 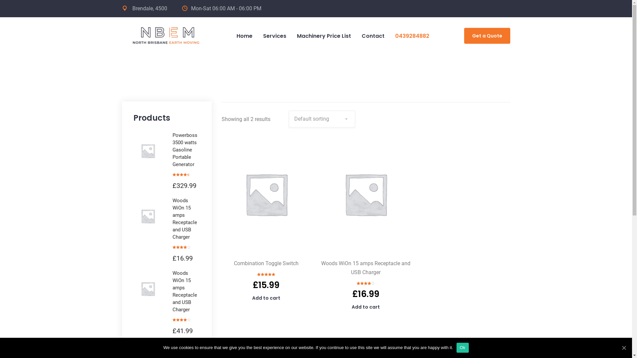 What do you see at coordinates (462, 347) in the screenshot?
I see `'Ok'` at bounding box center [462, 347].